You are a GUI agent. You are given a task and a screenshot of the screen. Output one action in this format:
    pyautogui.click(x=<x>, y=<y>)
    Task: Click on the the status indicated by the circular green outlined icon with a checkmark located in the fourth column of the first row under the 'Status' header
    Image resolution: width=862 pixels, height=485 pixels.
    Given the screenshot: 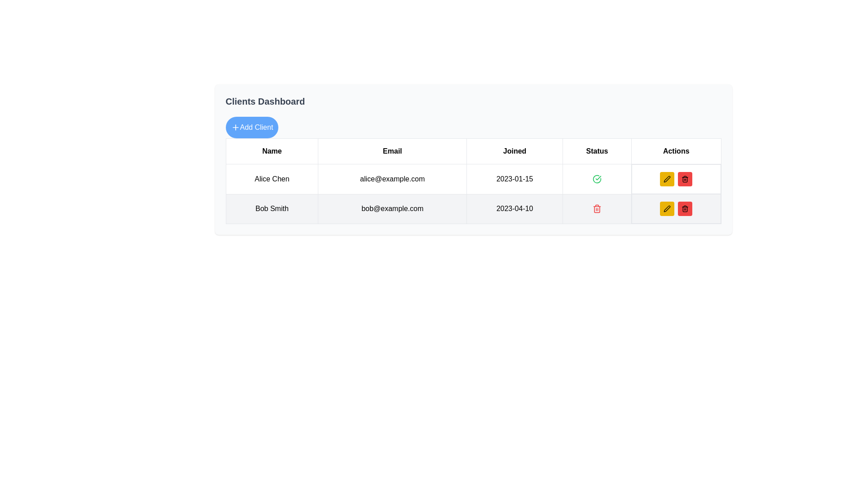 What is the action you would take?
    pyautogui.click(x=597, y=179)
    